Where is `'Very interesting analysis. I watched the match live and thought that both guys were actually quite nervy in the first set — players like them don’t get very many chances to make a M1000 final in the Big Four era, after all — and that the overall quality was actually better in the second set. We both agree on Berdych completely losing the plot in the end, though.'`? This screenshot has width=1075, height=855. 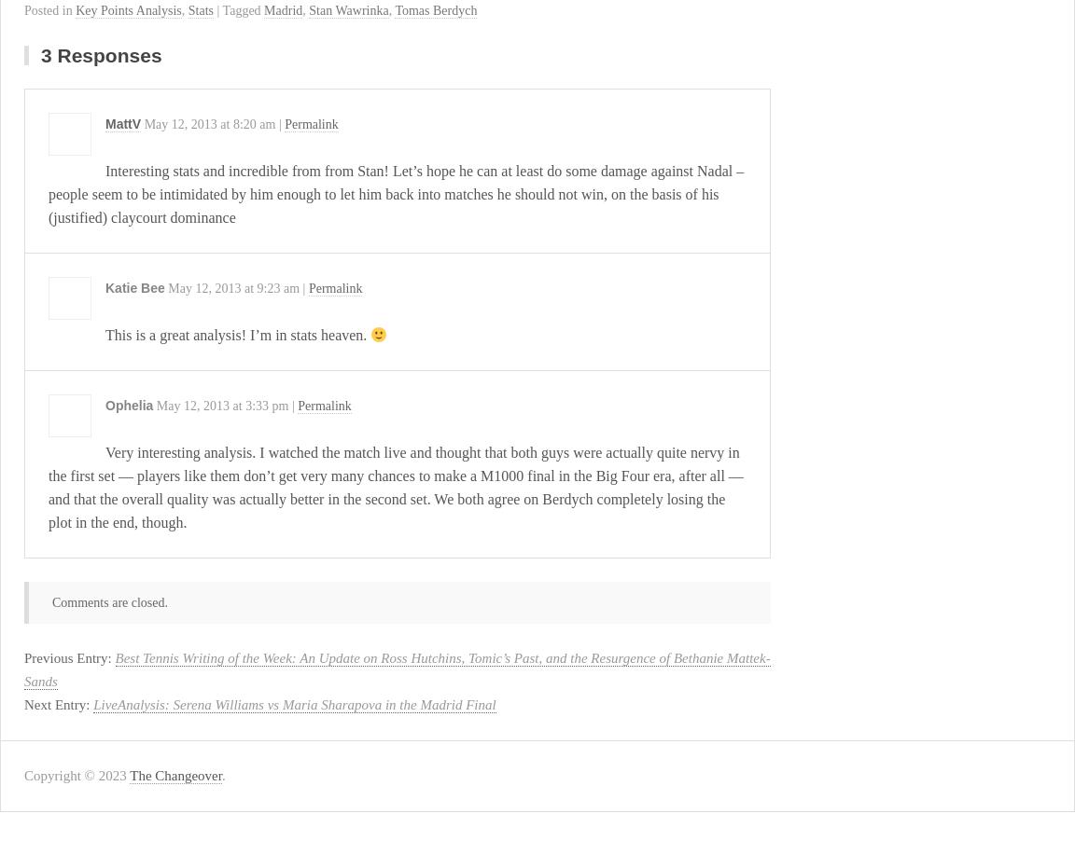 'Very interesting analysis. I watched the match live and thought that both guys were actually quite nervy in the first set — players like them don’t get very many chances to make a M1000 final in the Big Four era, after all — and that the overall quality was actually better in the second set. We both agree on Berdych completely losing the plot in the end, though.' is located at coordinates (395, 486).